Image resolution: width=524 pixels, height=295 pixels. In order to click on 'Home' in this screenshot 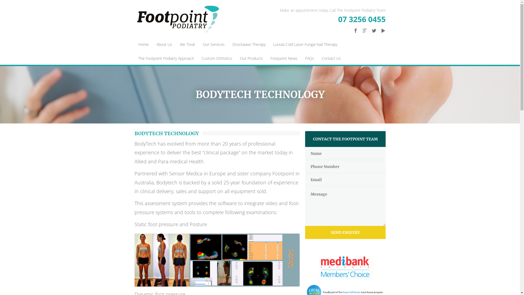, I will do `click(143, 45)`.